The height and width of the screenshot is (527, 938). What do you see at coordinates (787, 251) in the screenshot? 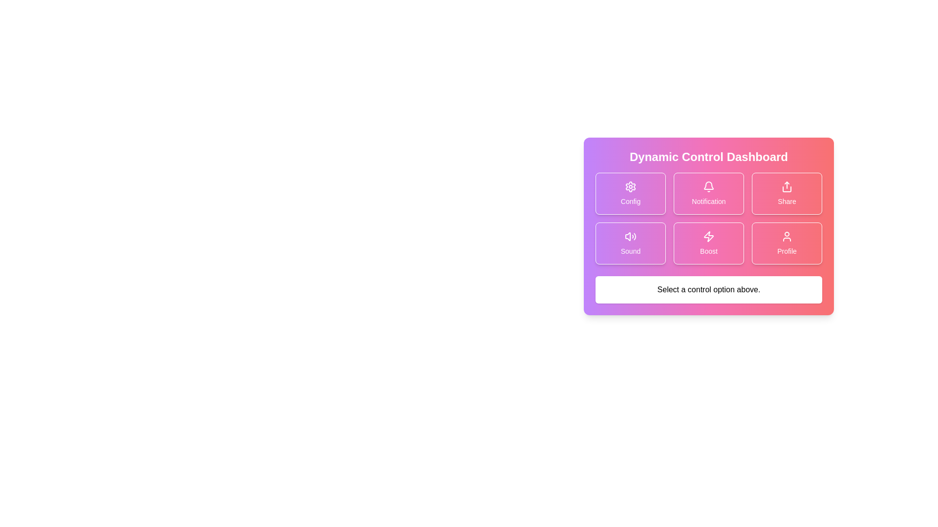
I see `the text label located at the bottom-right corner of the lower grid in the Dynamic Control Dashboard, which describes the user profile icon` at bounding box center [787, 251].